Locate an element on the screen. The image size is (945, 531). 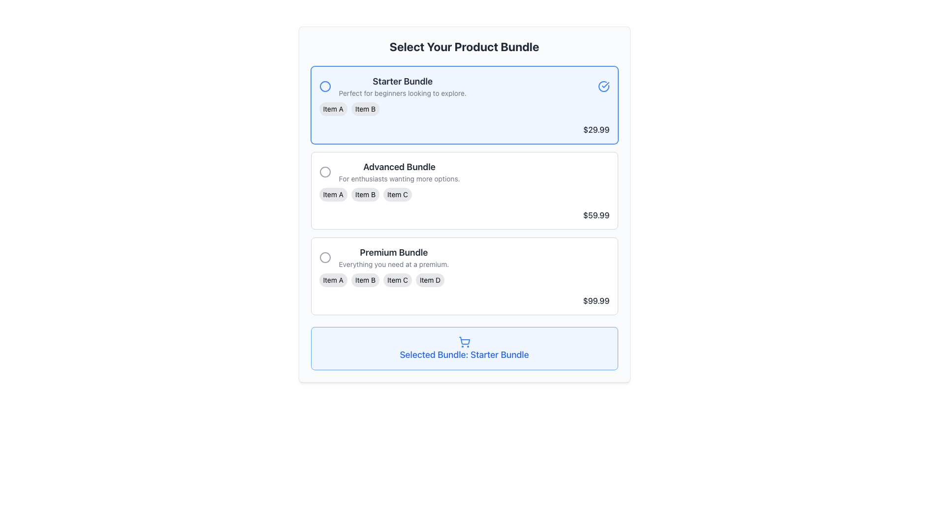
the informational card displaying 'Selected Bundle: Starter Bundle' located at the bottom of the 'Select Your Product Bundle' section is located at coordinates (464, 348).